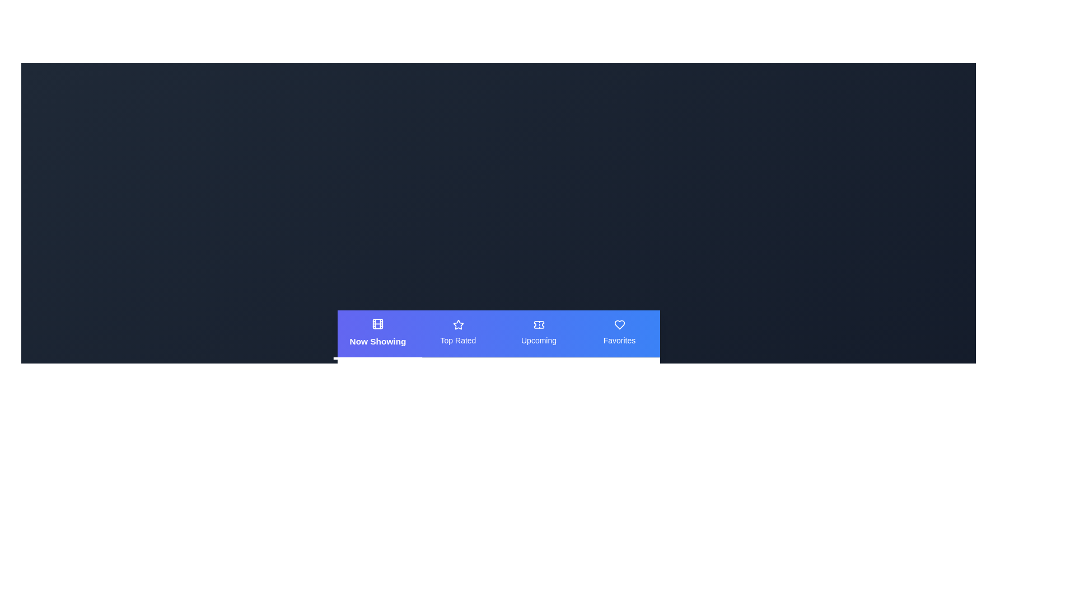  I want to click on the ticket icon located in the 'Upcoming' section of the bottom navigation bar, so click(539, 324).